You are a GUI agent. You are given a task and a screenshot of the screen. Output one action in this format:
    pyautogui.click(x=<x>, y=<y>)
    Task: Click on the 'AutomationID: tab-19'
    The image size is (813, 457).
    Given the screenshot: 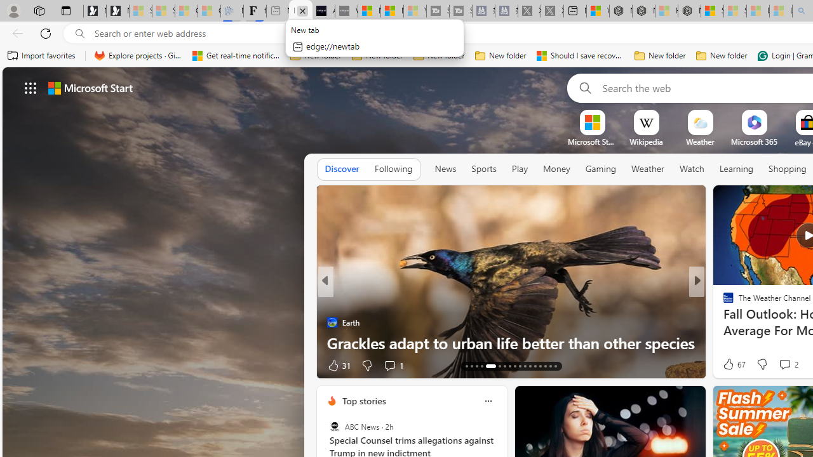 What is the action you would take?
    pyautogui.click(x=476, y=366)
    